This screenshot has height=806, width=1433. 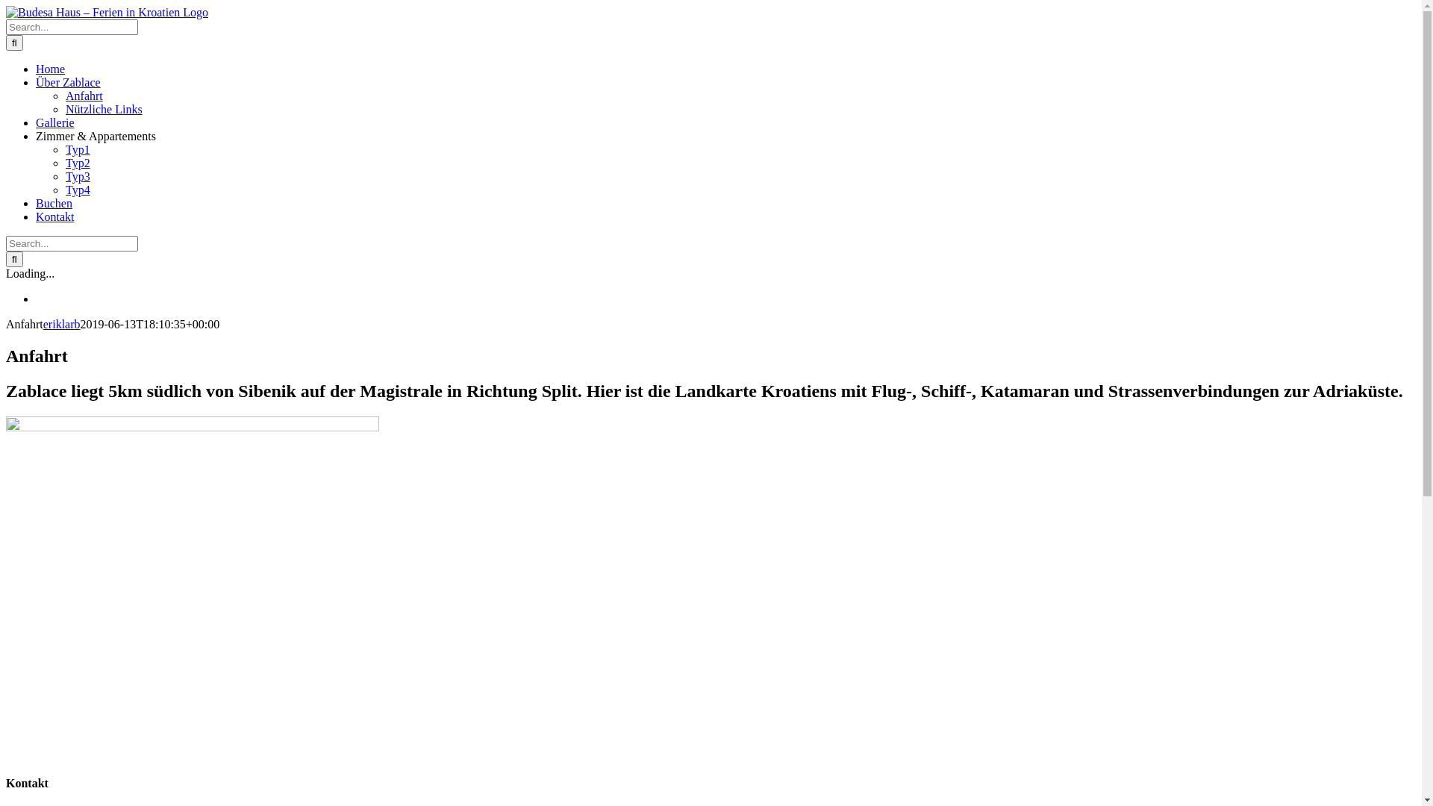 I want to click on 'Typ2', so click(x=77, y=163).